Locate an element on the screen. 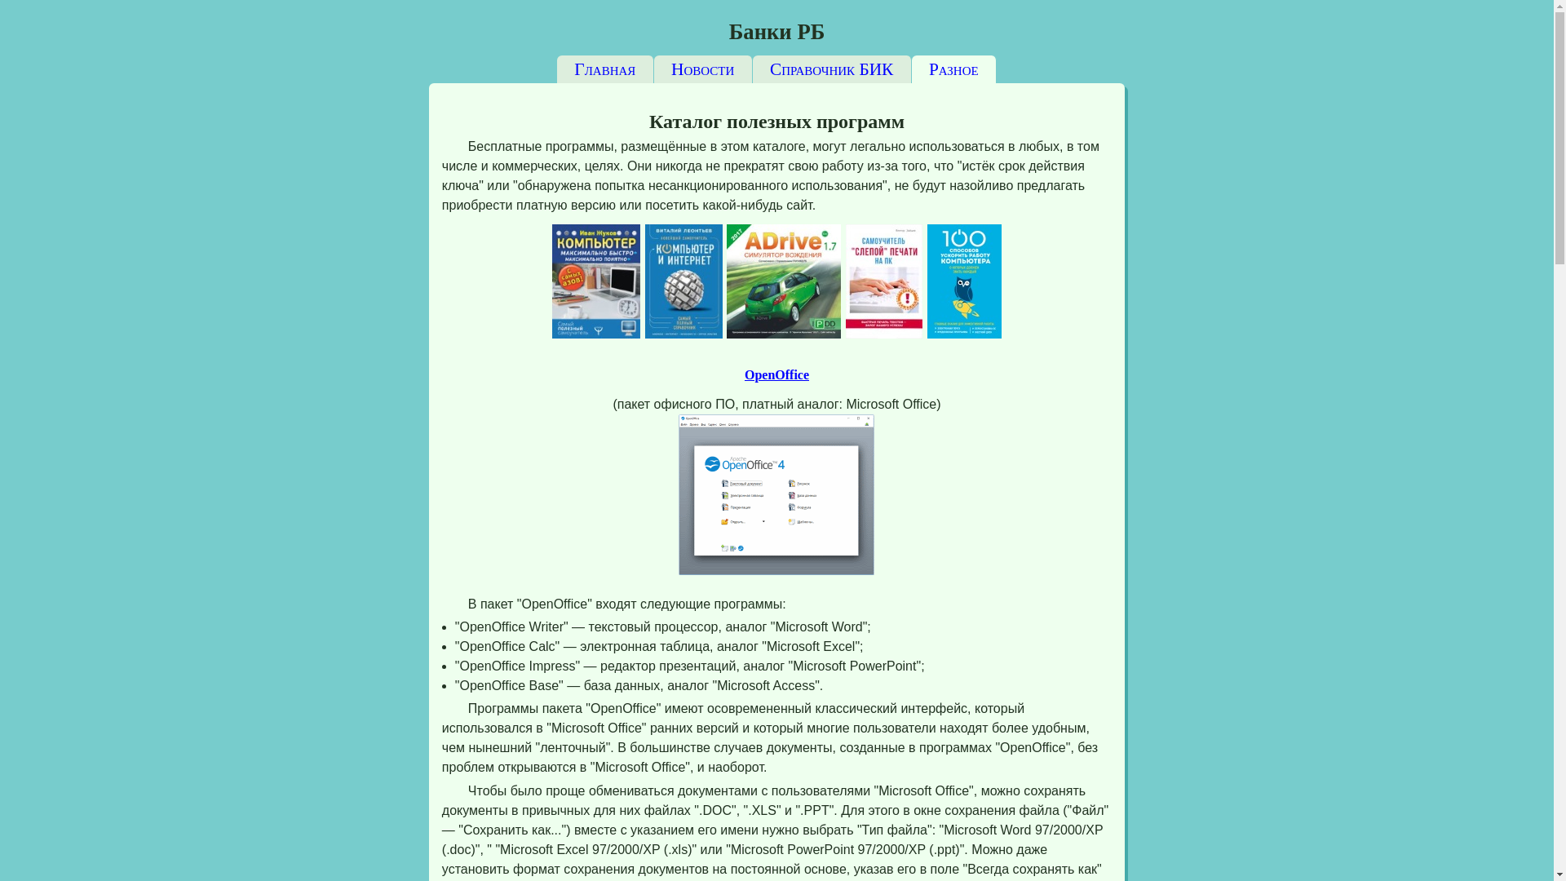 Image resolution: width=1566 pixels, height=881 pixels. 'OpenOffice' is located at coordinates (776, 374).